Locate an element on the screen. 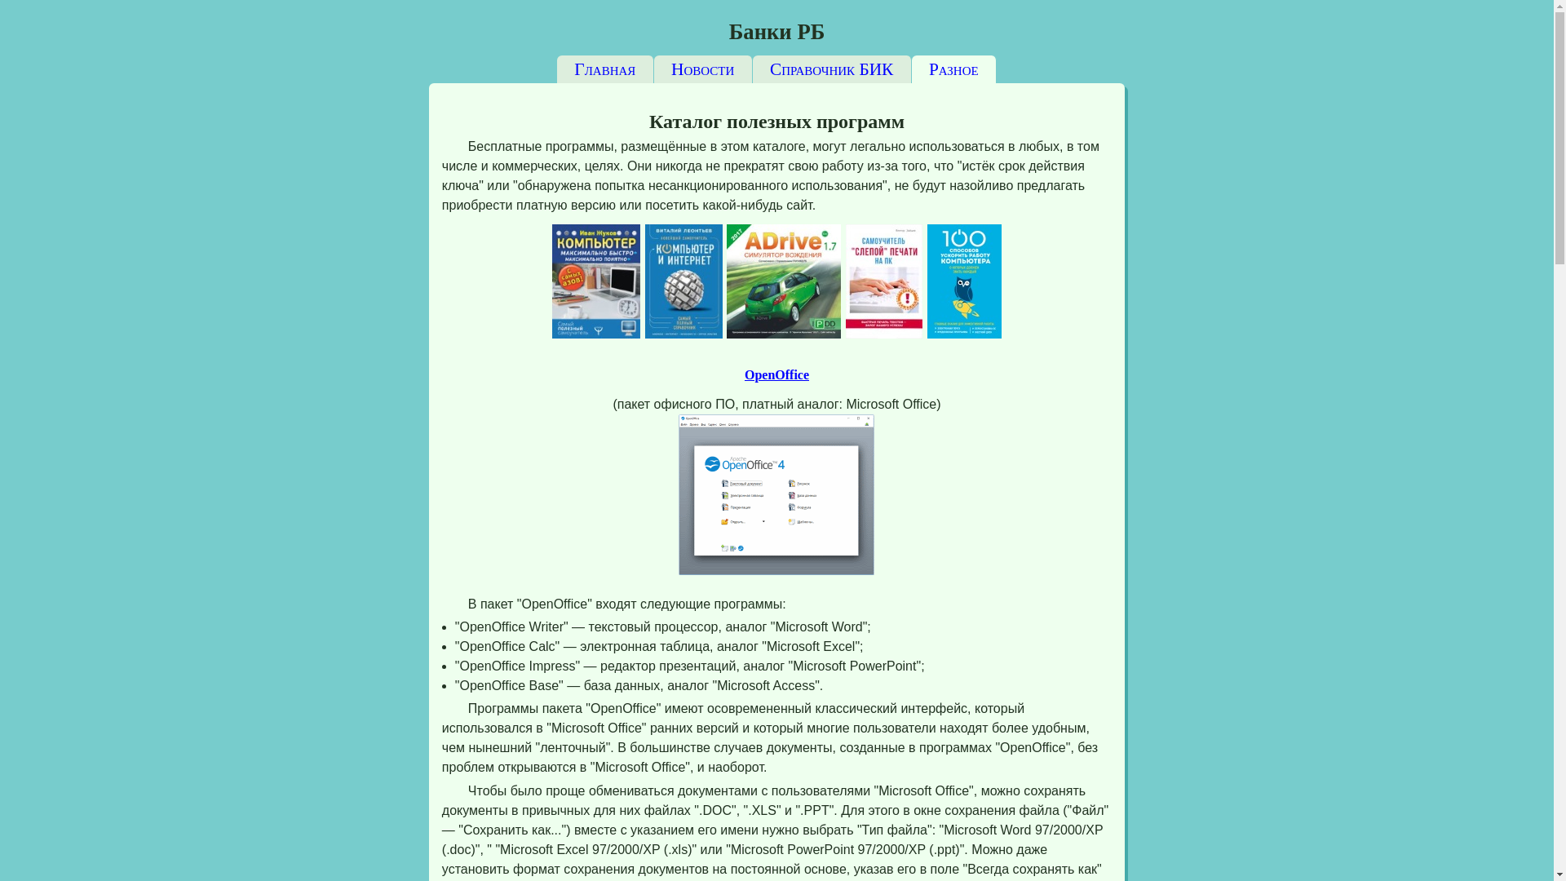 Image resolution: width=1566 pixels, height=881 pixels. 'OpenOffice' is located at coordinates (776, 374).